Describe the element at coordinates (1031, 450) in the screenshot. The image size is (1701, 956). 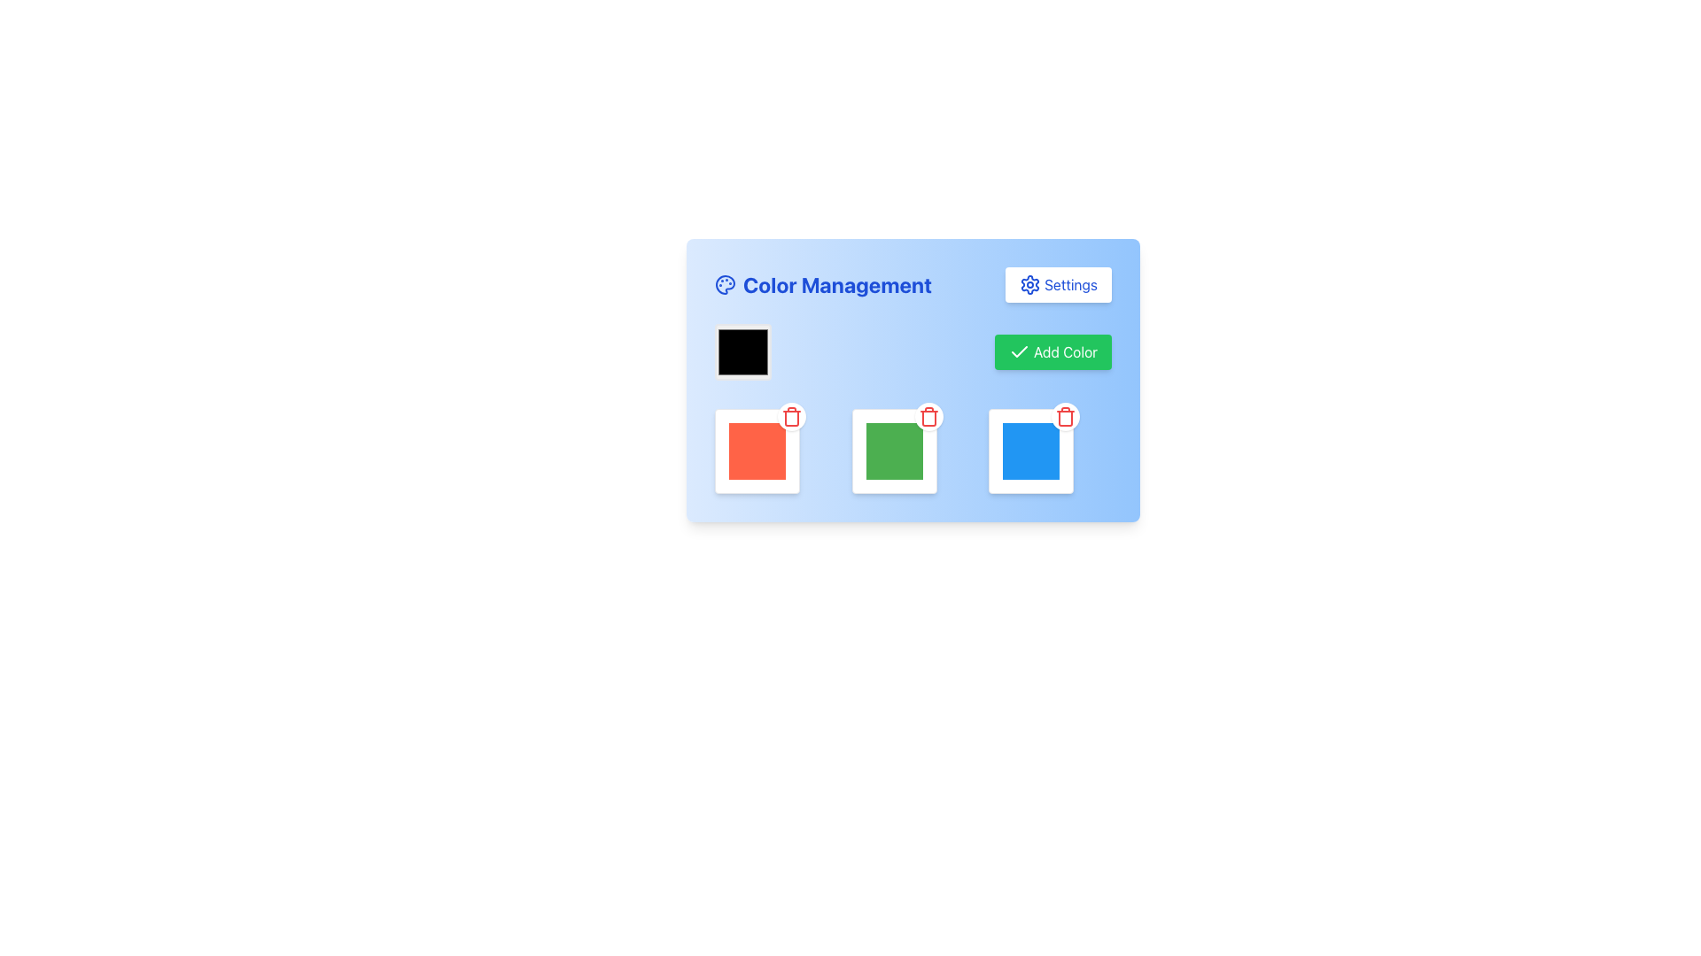
I see `the central part of the bottom-right colored button in the color selection panel` at that location.